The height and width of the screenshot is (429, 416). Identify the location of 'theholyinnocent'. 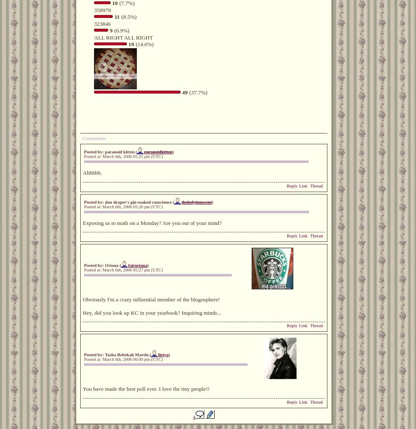
(196, 201).